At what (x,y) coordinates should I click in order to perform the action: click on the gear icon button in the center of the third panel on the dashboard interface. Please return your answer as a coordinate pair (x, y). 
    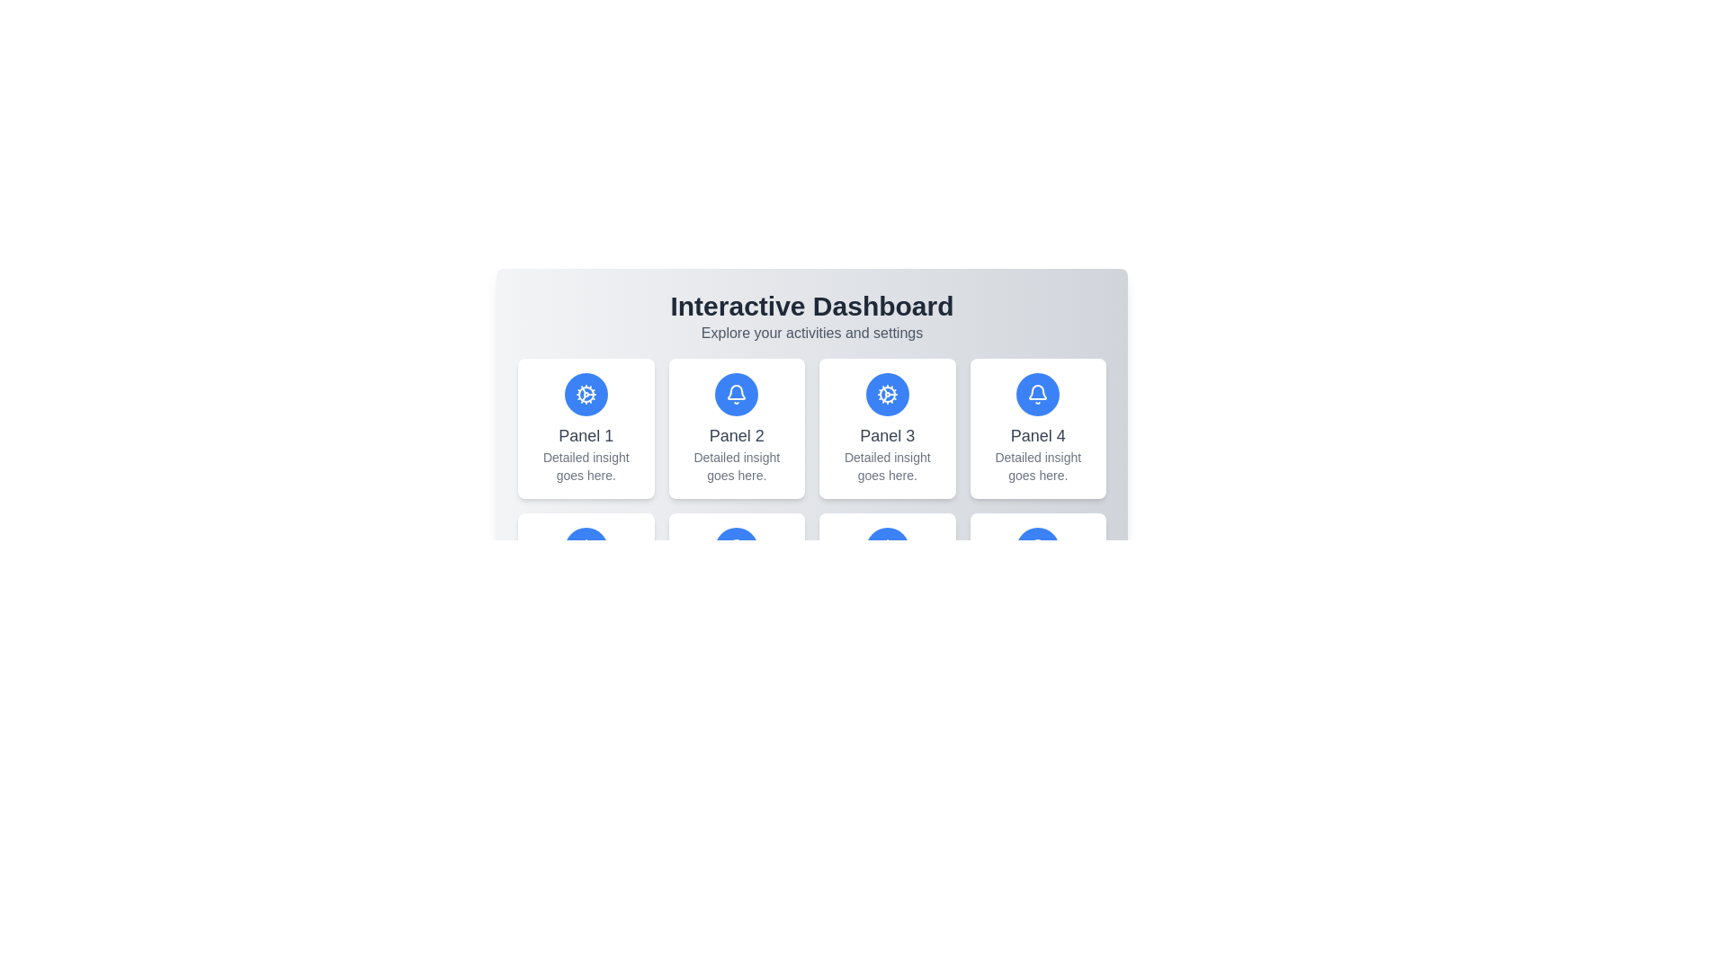
    Looking at the image, I should click on (887, 394).